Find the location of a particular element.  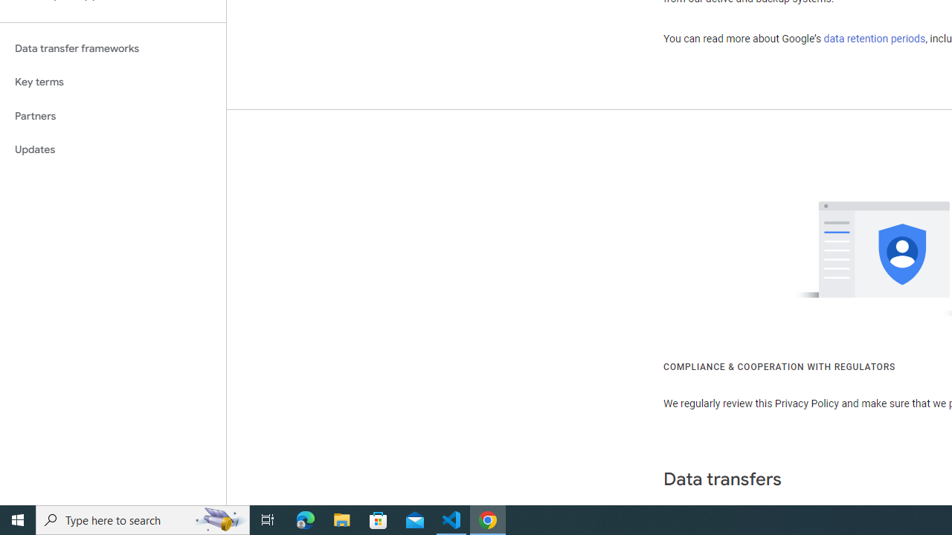

'data retention periods' is located at coordinates (875, 38).